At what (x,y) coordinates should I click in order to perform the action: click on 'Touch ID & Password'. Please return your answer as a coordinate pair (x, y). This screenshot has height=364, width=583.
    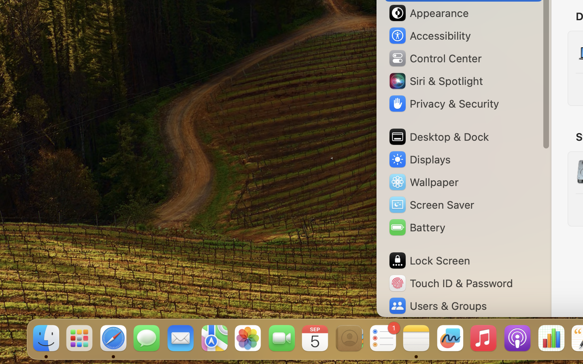
    Looking at the image, I should click on (450, 283).